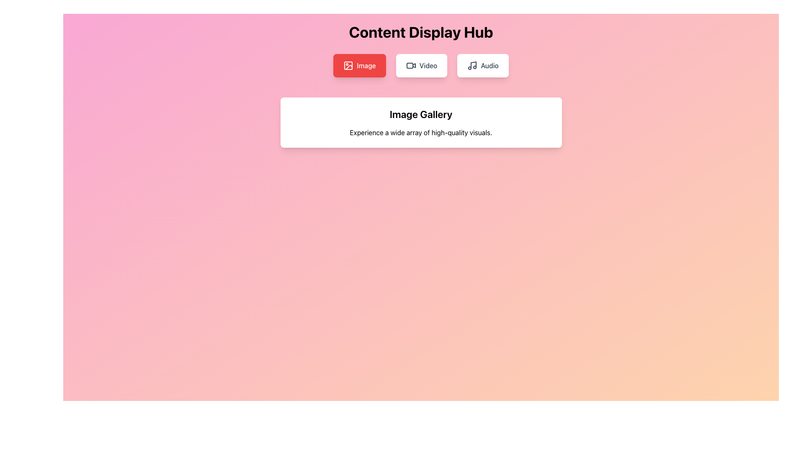  Describe the element at coordinates (422, 65) in the screenshot. I see `the 'Video' button in the Content Display Hub` at that location.